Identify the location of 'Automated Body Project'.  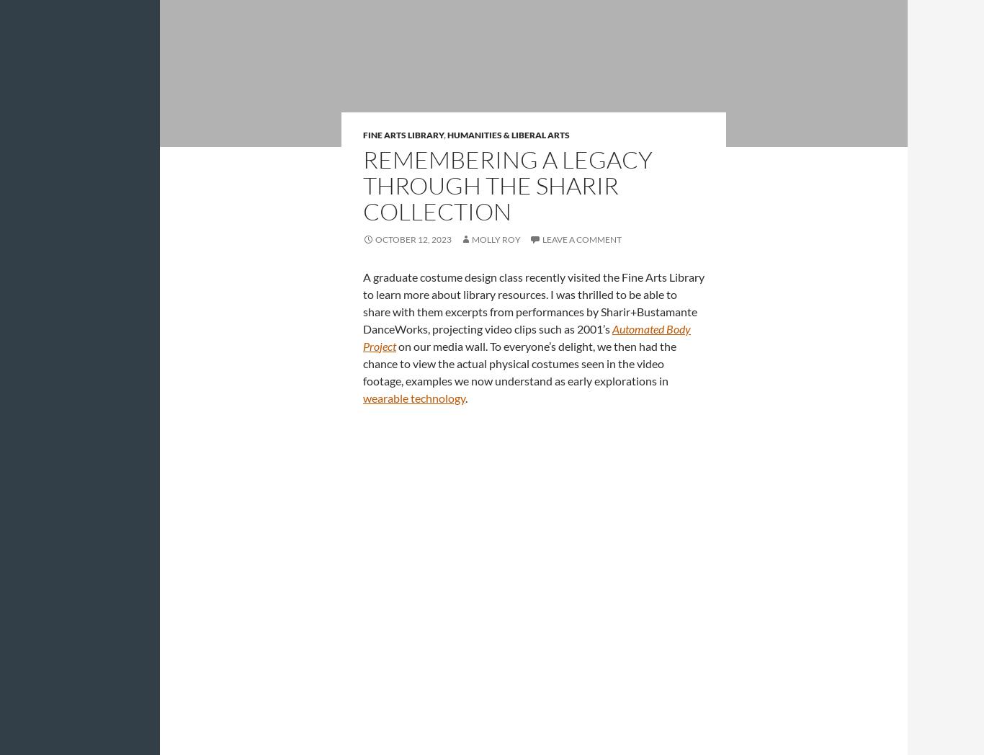
(527, 336).